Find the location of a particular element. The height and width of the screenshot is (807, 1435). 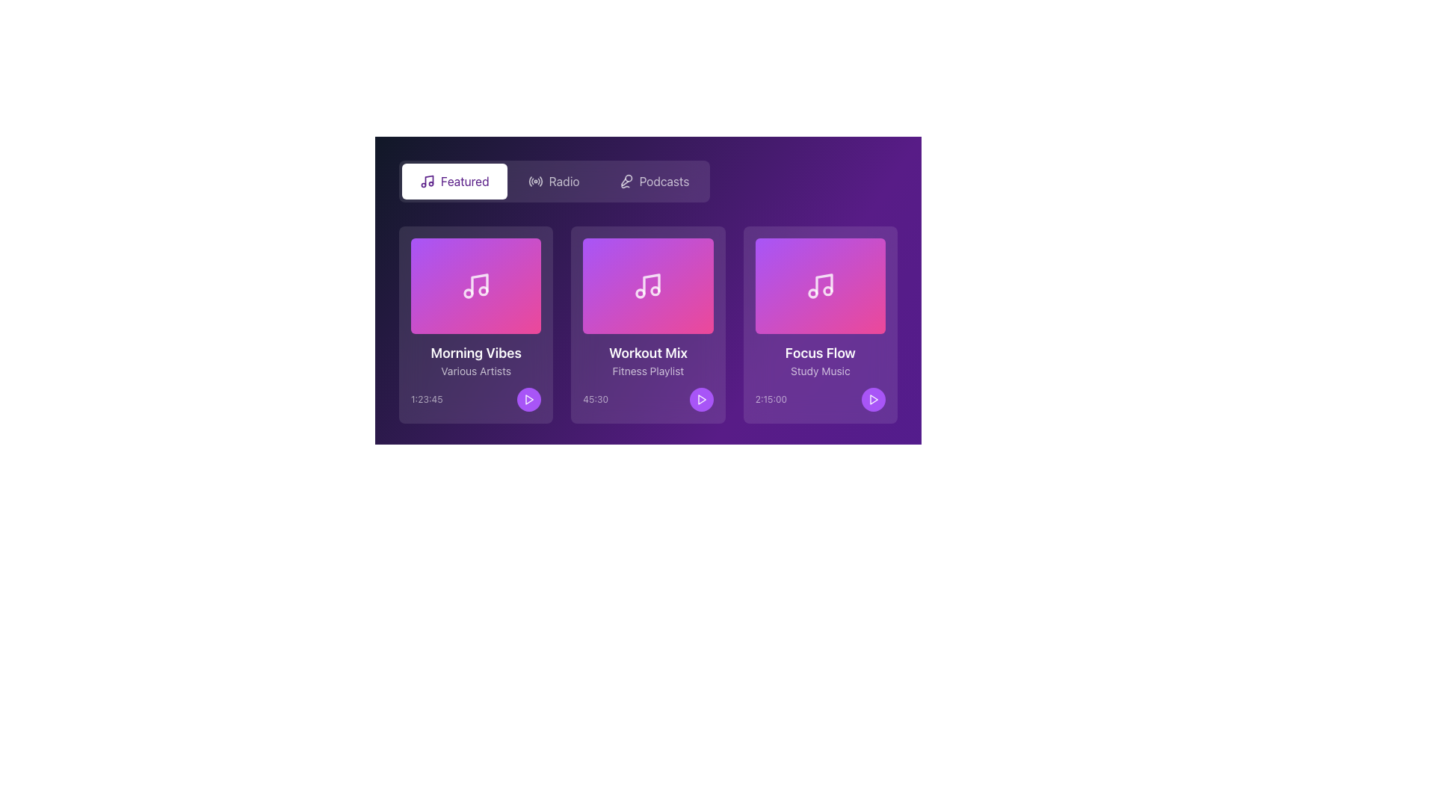

the 'Radio' text link or interactive button in the horizontal navigation bar is located at coordinates (564, 181).